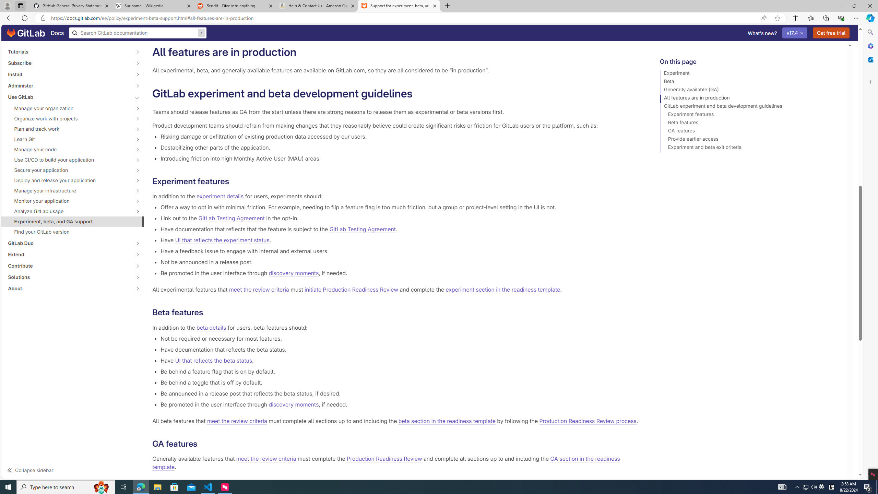 This screenshot has height=494, width=878. Describe the element at coordinates (220, 196) in the screenshot. I see `'experiment details'` at that location.